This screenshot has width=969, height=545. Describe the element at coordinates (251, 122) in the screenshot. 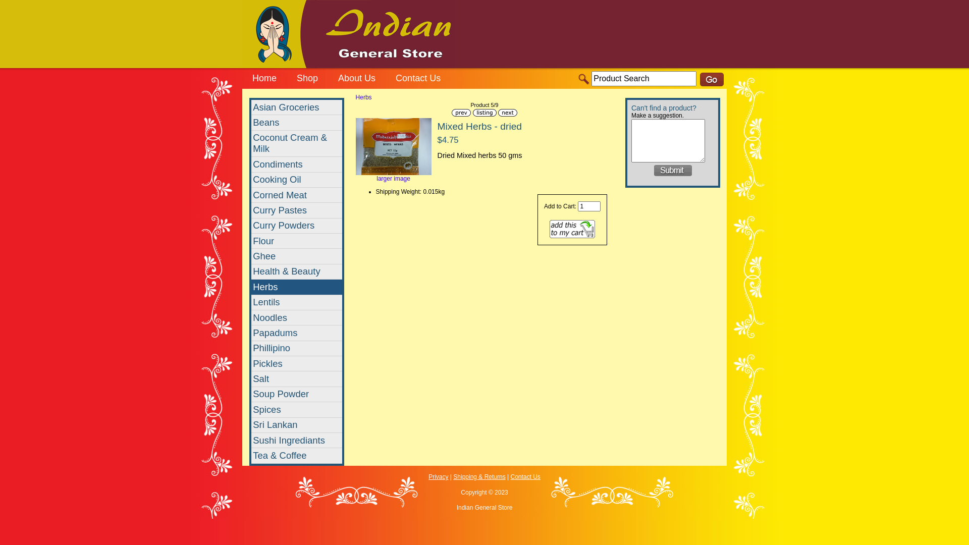

I see `'Beans'` at that location.